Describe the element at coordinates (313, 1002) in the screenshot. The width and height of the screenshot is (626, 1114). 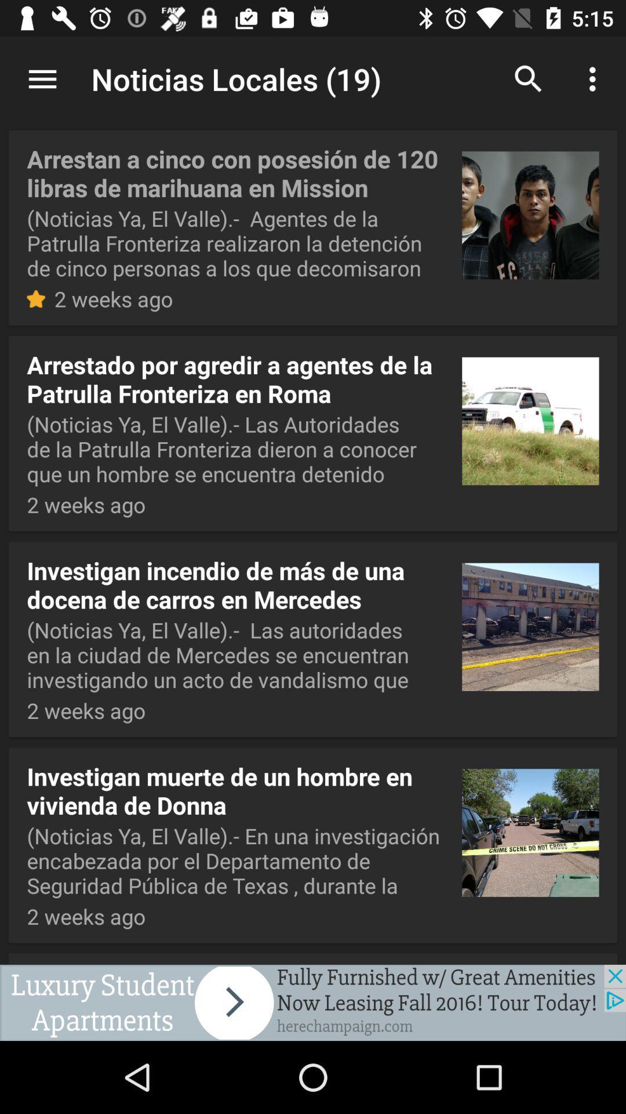
I see `the advertisement option` at that location.